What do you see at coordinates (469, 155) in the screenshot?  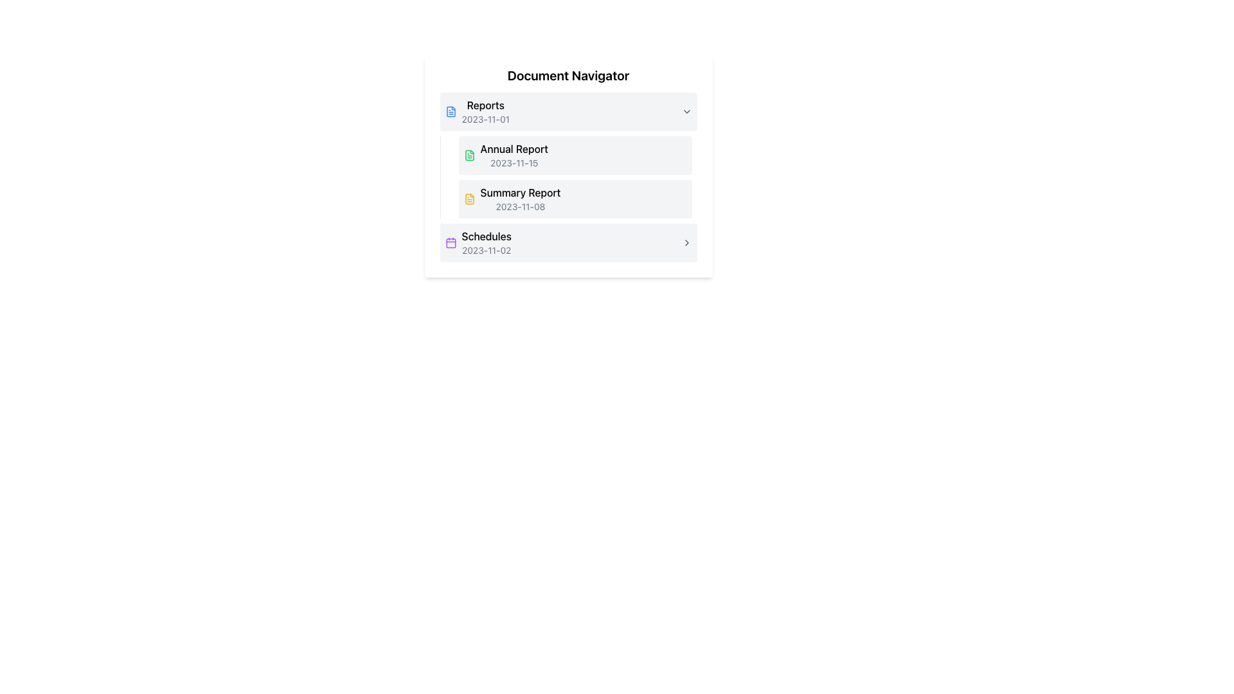 I see `the green file icon representing the 'Annual Report', located to the left of the text 'Annual Report'` at bounding box center [469, 155].